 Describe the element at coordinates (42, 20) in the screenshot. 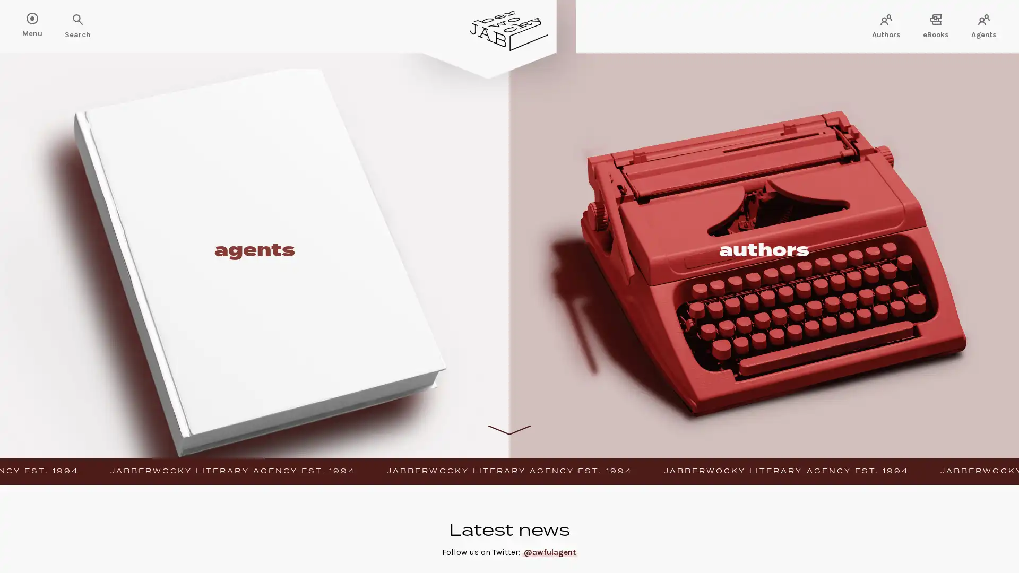

I see `Search` at that location.